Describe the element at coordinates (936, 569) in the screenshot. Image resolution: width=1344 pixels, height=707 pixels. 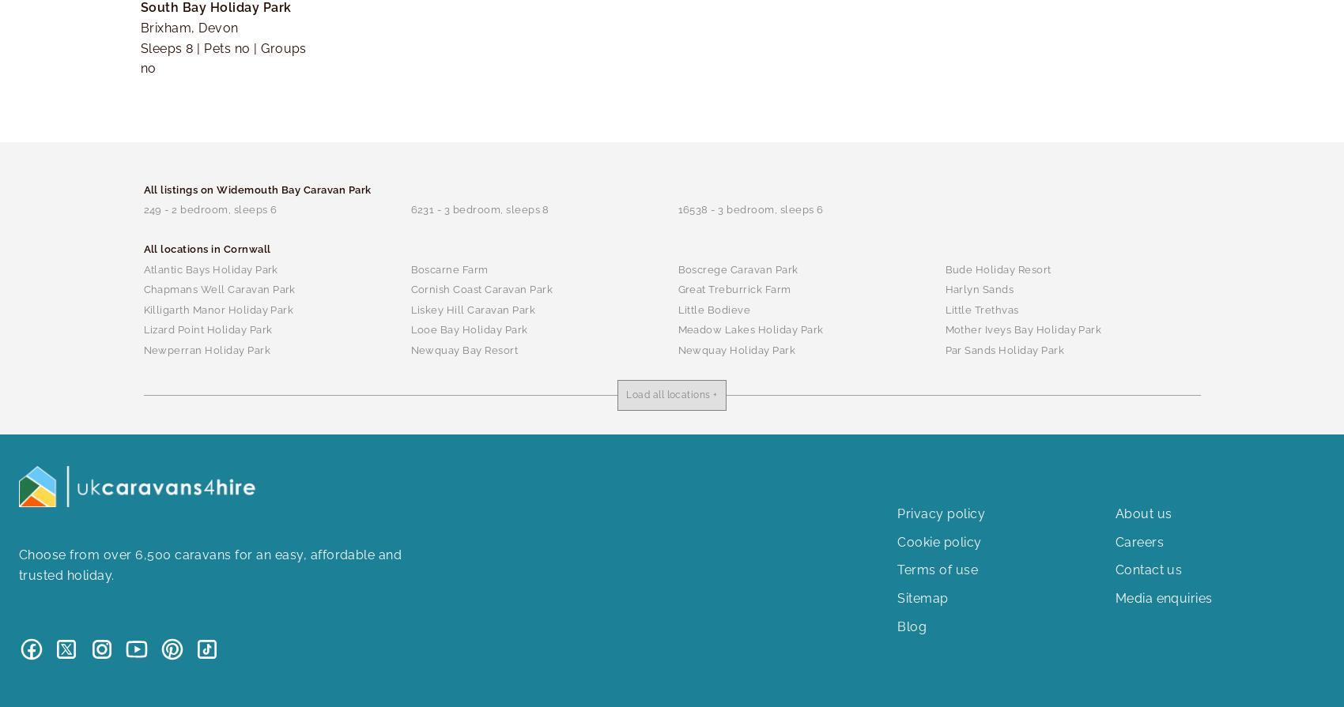
I see `'Terms of use'` at that location.